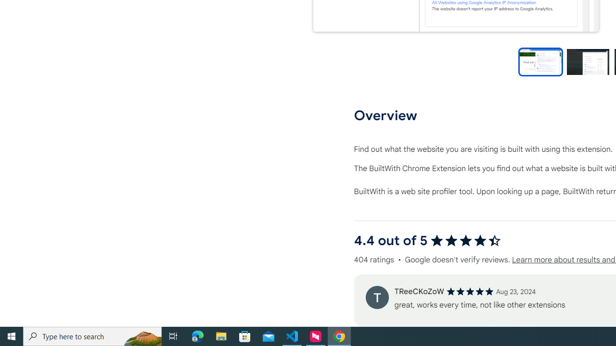  I want to click on 'Preview slide 1', so click(540, 62).